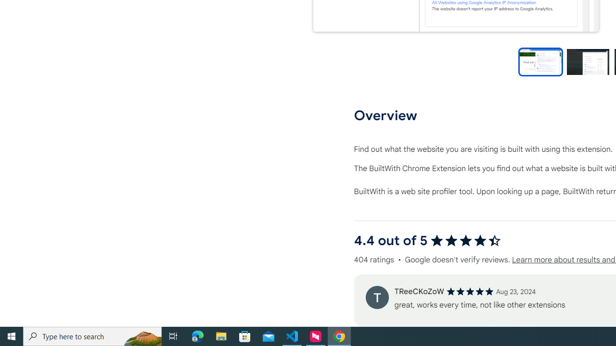  I want to click on 'Preview slide 1', so click(540, 62).